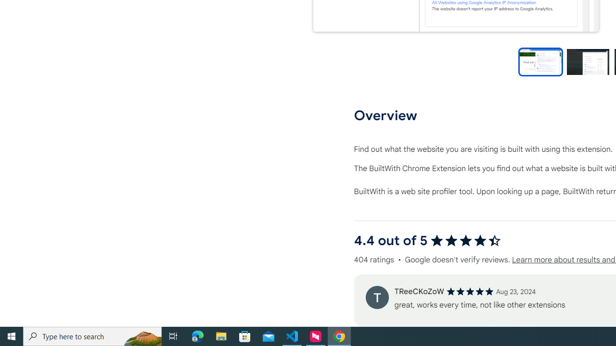  I want to click on 'Preview slide 1', so click(540, 62).